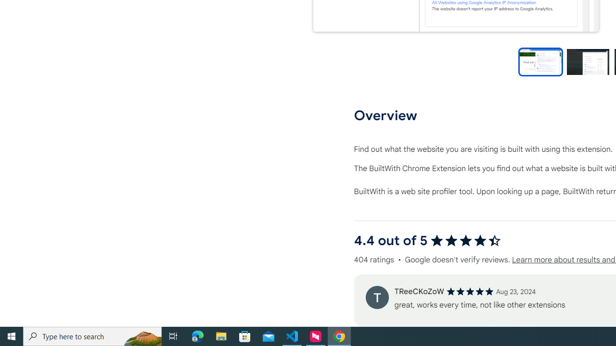  I want to click on 'Preview slide 1', so click(540, 62).